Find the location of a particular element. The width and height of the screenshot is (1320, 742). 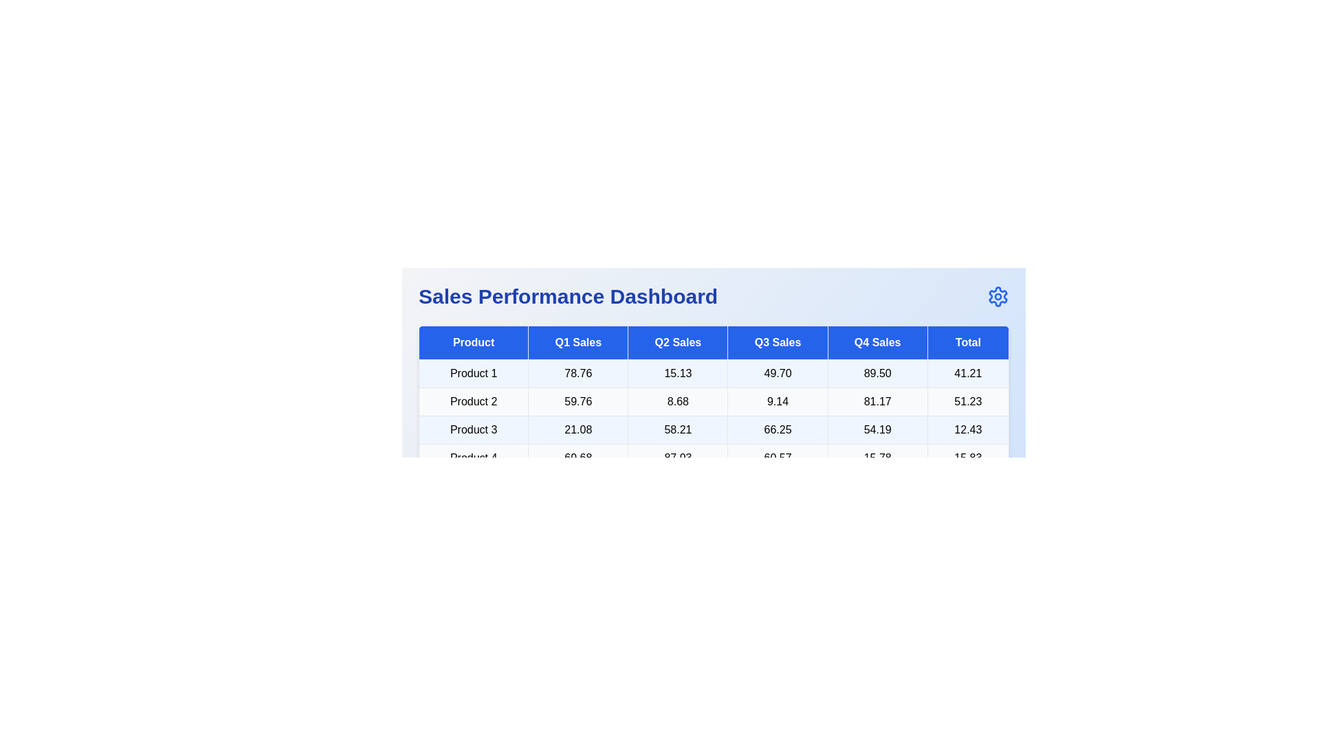

the header Q3 Sales to sort the table by that column is located at coordinates (778, 341).